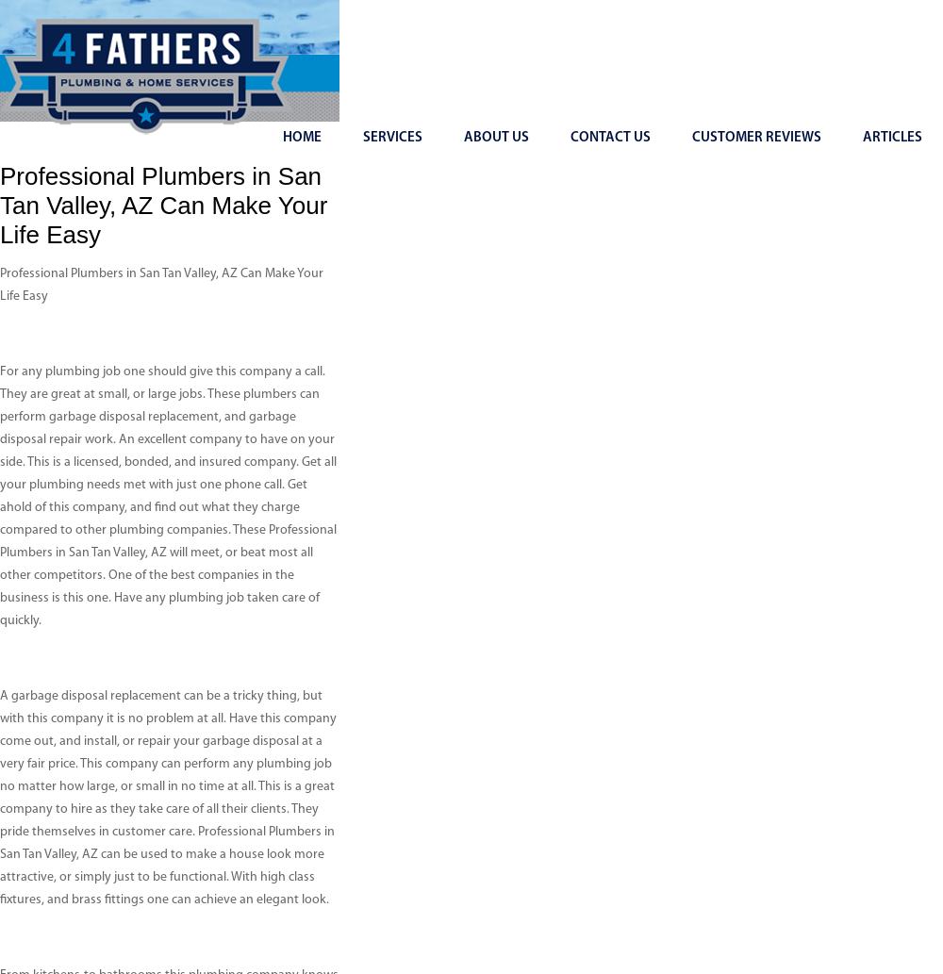 The width and height of the screenshot is (943, 974). What do you see at coordinates (756, 138) in the screenshot?
I see `'Customer Reviews'` at bounding box center [756, 138].